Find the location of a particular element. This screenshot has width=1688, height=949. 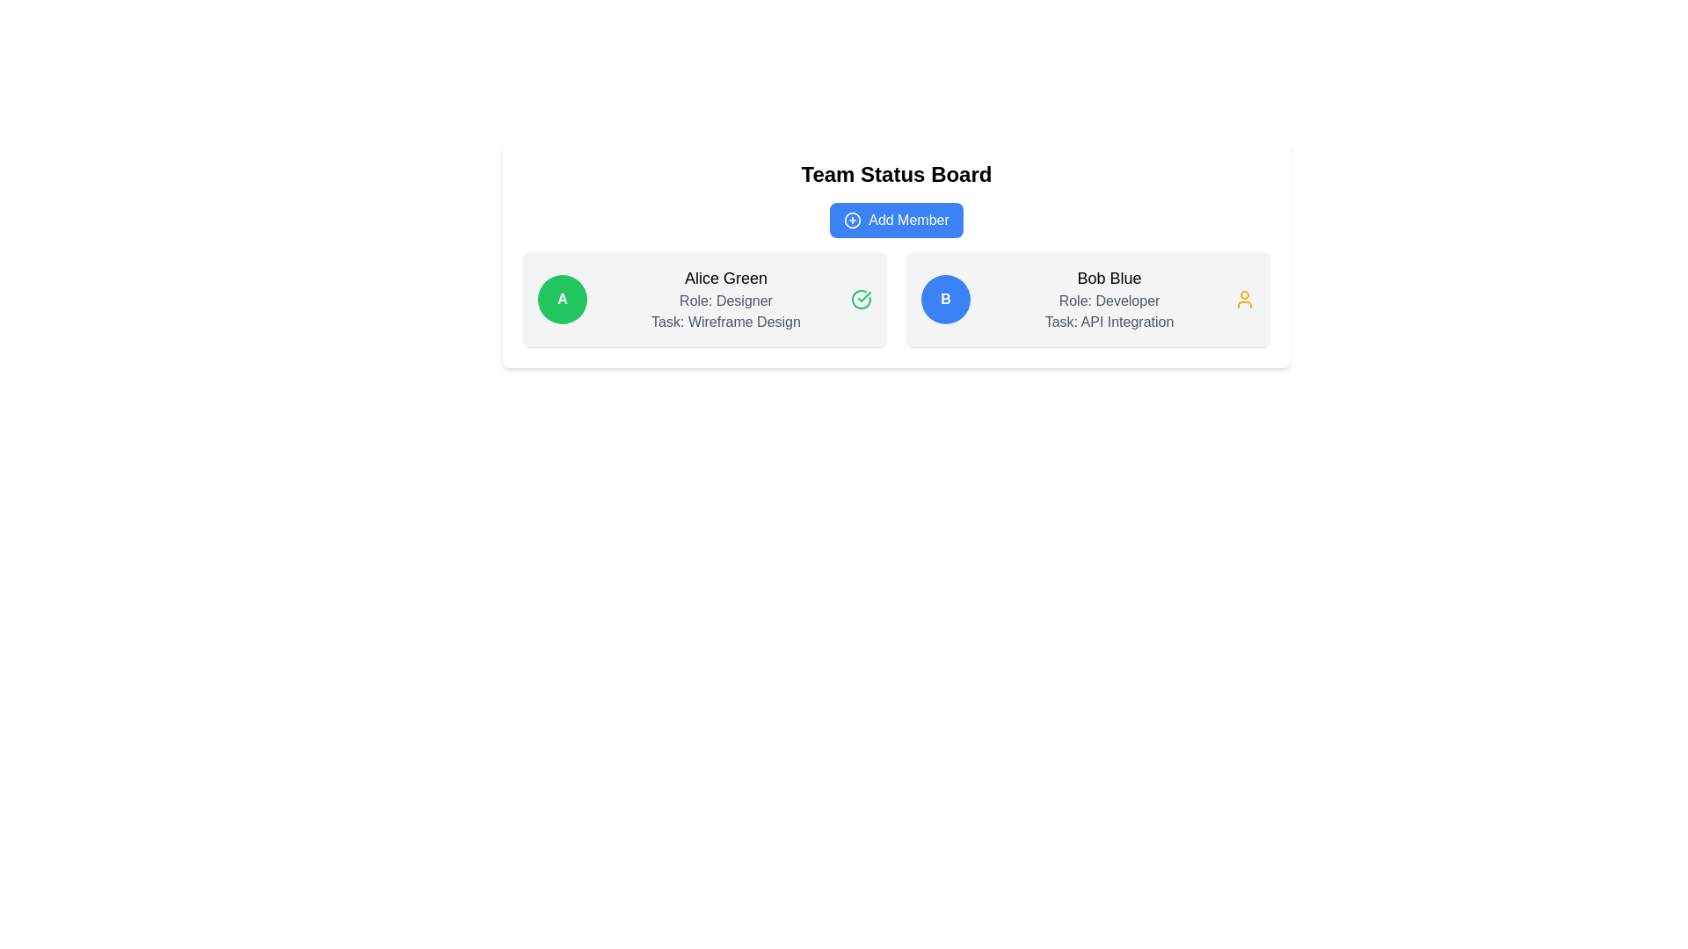

the 'Add' icon located in the left-center of the blue button labeled 'Add Member' is located at coordinates (852, 219).